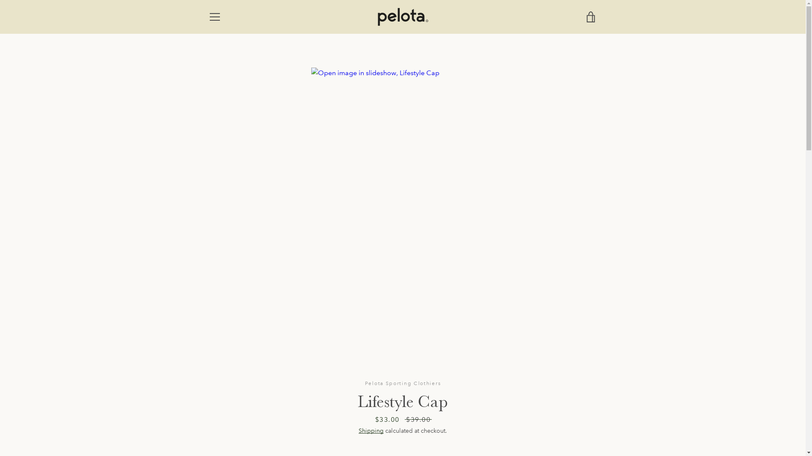 Image resolution: width=812 pixels, height=456 pixels. What do you see at coordinates (0, 0) in the screenshot?
I see `'Skip to content'` at bounding box center [0, 0].